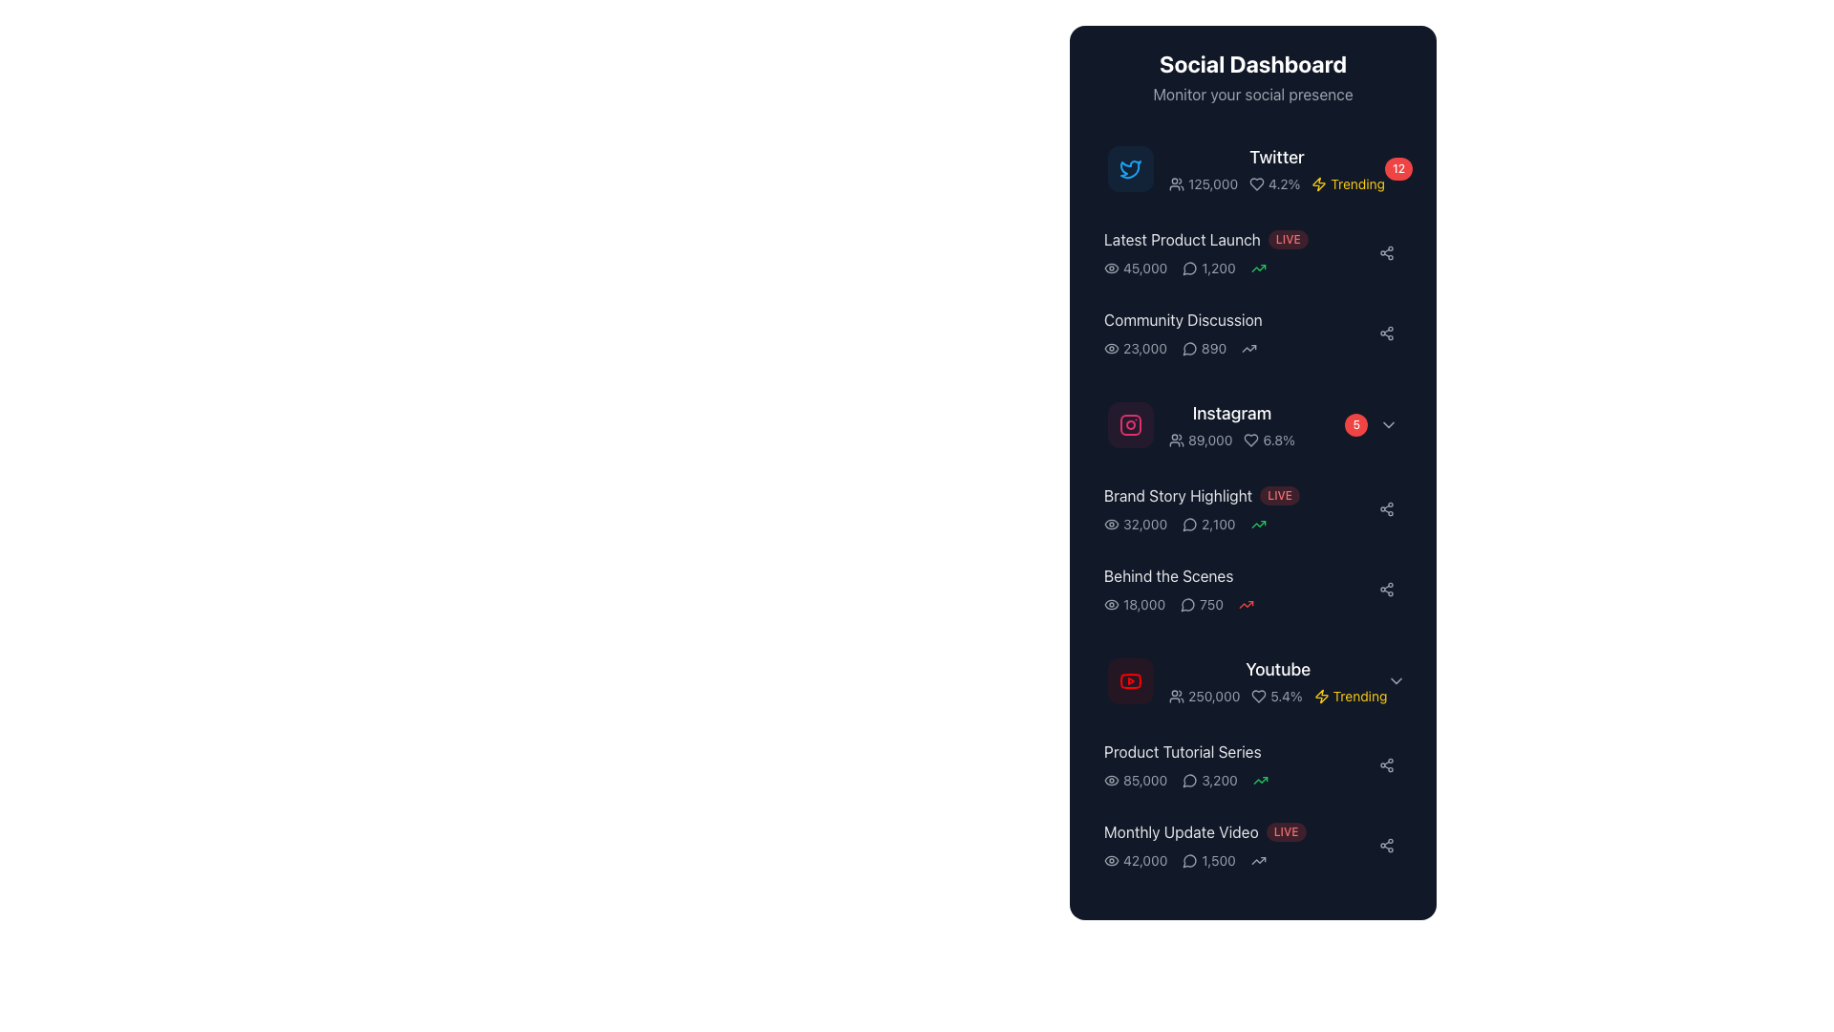  I want to click on the icon in the 'Latest Product Launch' section of the 'Social Dashboard', which is located to the left of the text '1,200', so click(1189, 269).